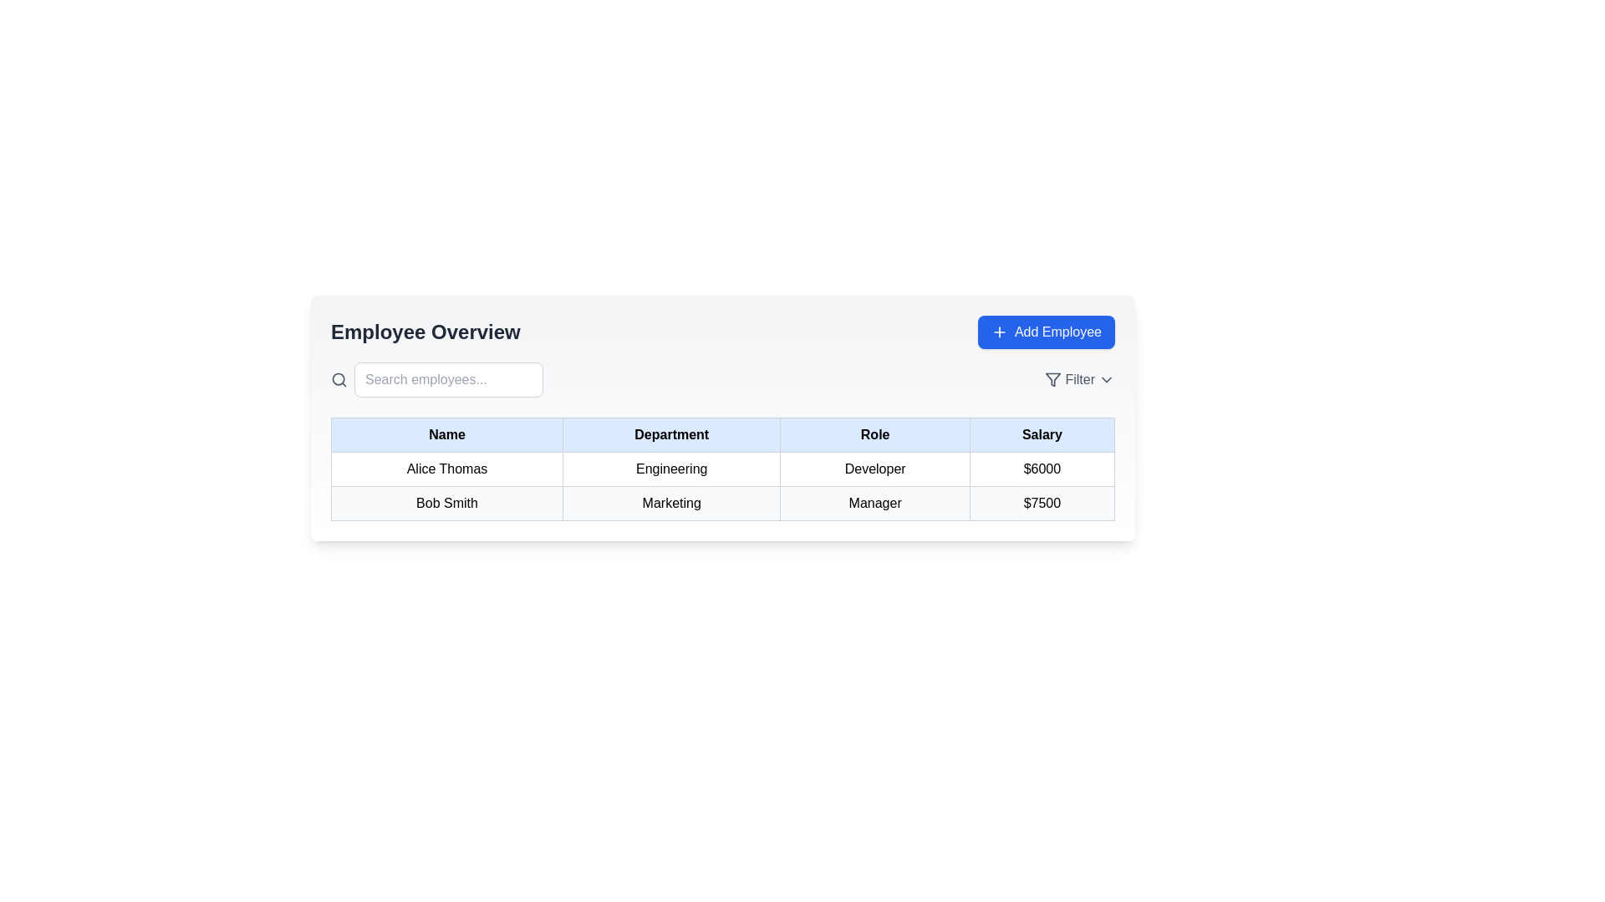 The image size is (1605, 902). I want to click on the Text cell in the third column of the second row under the 'Role' header, so click(874, 502).